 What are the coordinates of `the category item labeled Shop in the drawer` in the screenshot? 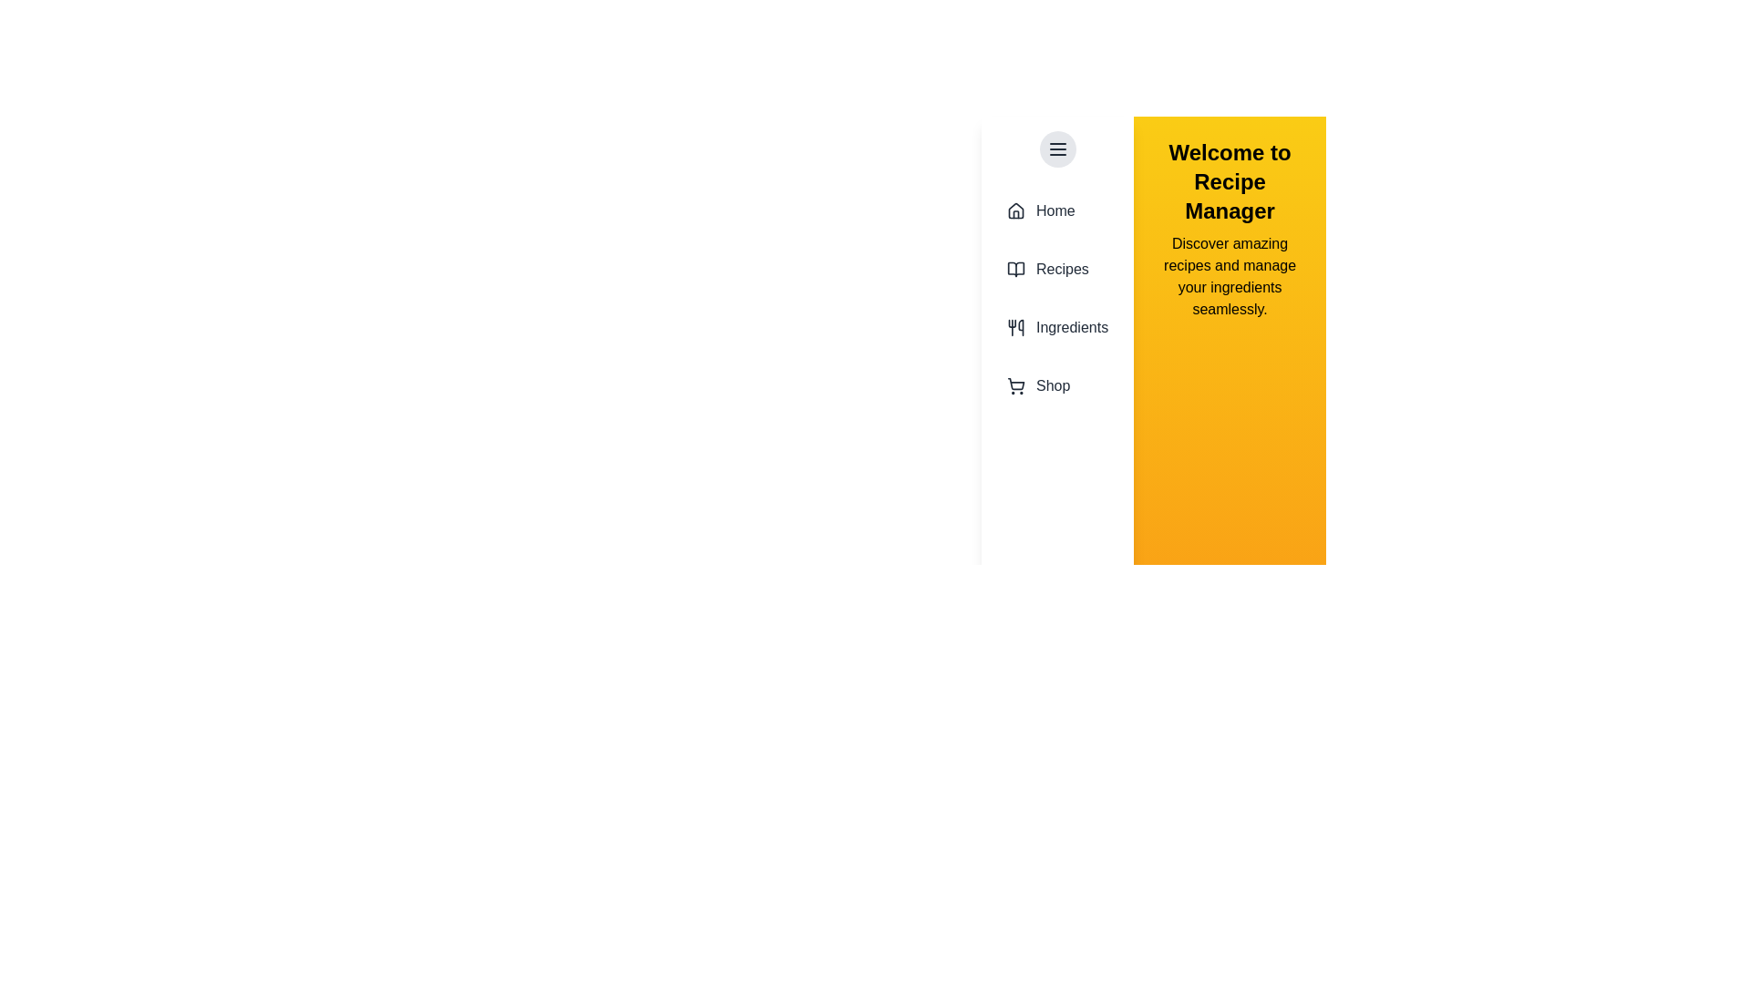 It's located at (1057, 385).